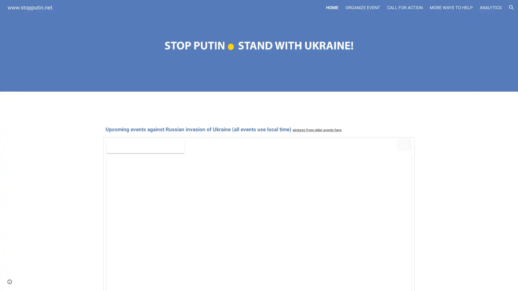  What do you see at coordinates (212, 10) in the screenshot?
I see `Skip to main content` at bounding box center [212, 10].